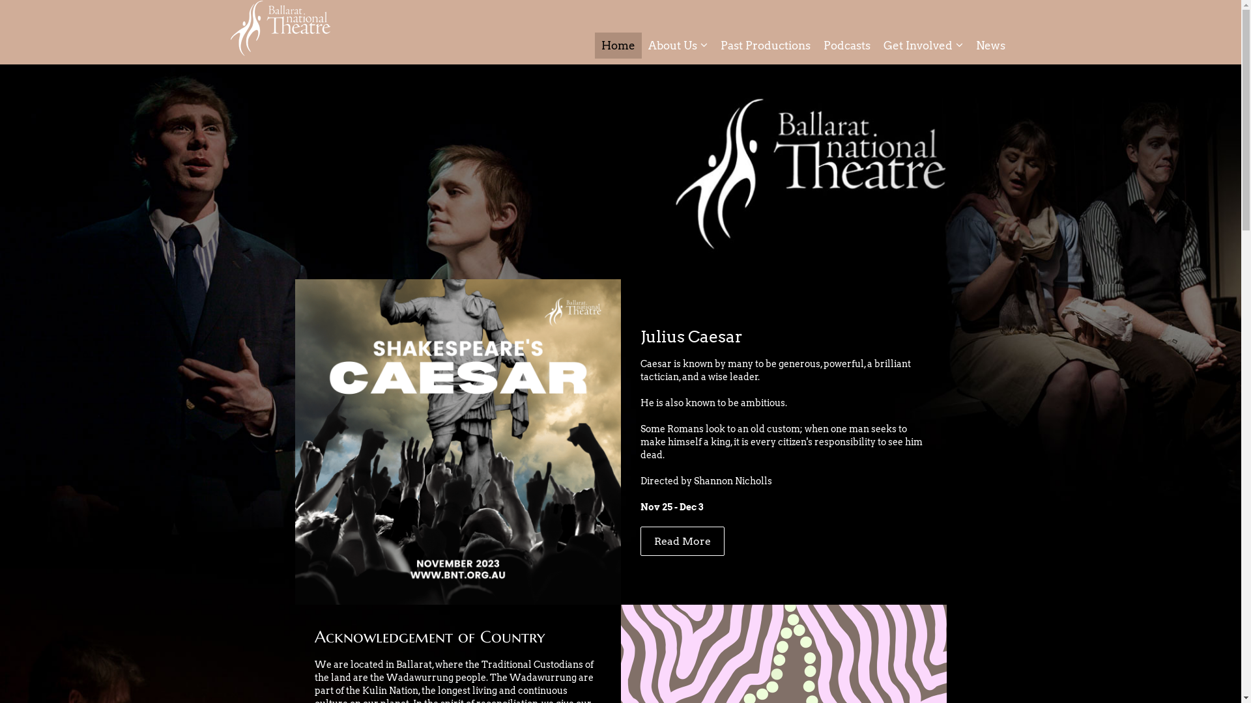 The image size is (1251, 703). Describe the element at coordinates (616, 44) in the screenshot. I see `'Home'` at that location.